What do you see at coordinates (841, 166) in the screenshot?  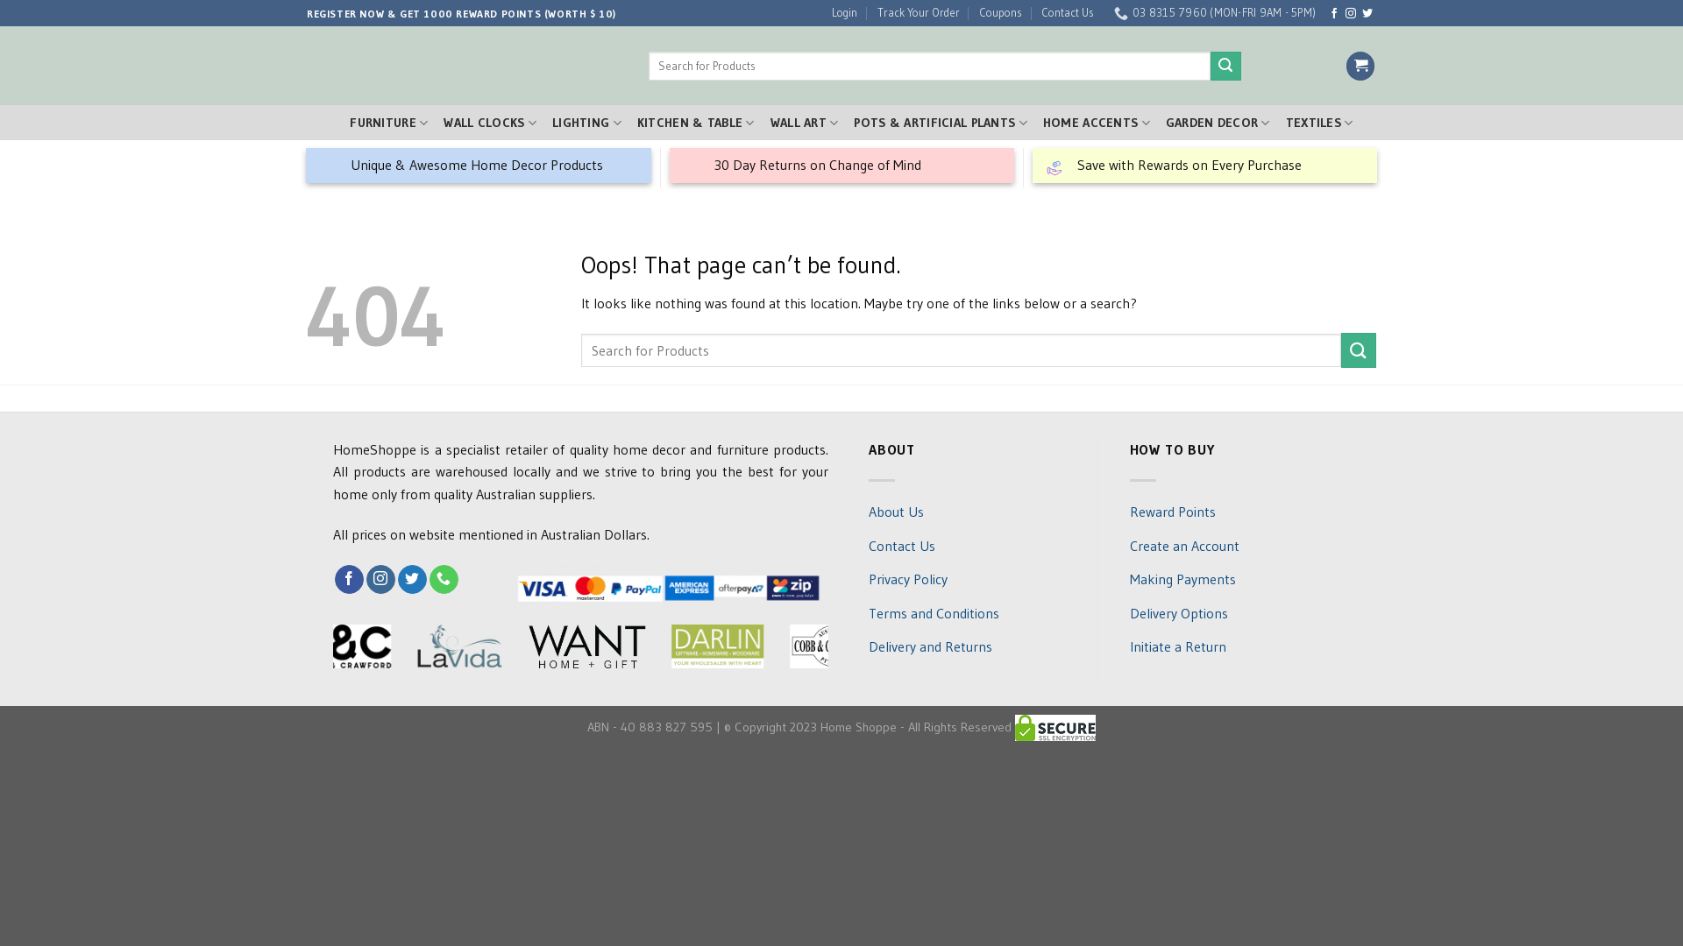 I see `'30 Day Returns on Change of Mind'` at bounding box center [841, 166].